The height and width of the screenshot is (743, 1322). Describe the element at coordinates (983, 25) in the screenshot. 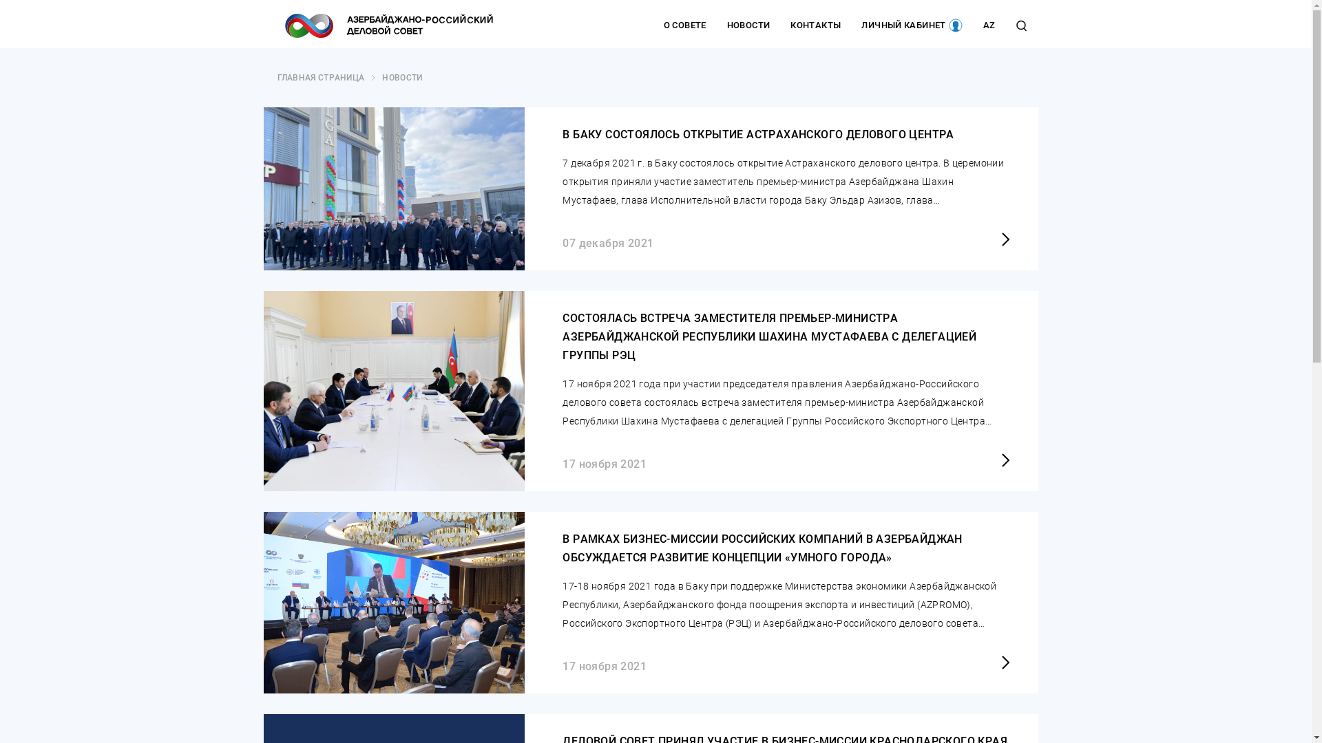

I see `'AZ'` at that location.